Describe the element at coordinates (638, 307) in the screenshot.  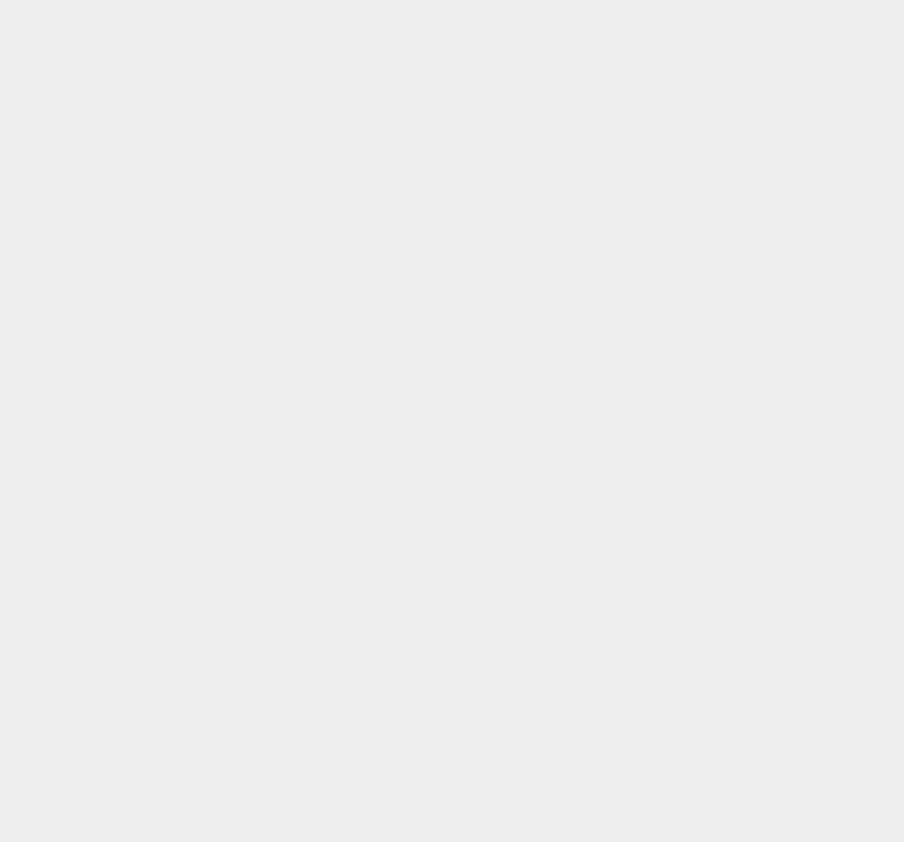
I see `'YouTube'` at that location.